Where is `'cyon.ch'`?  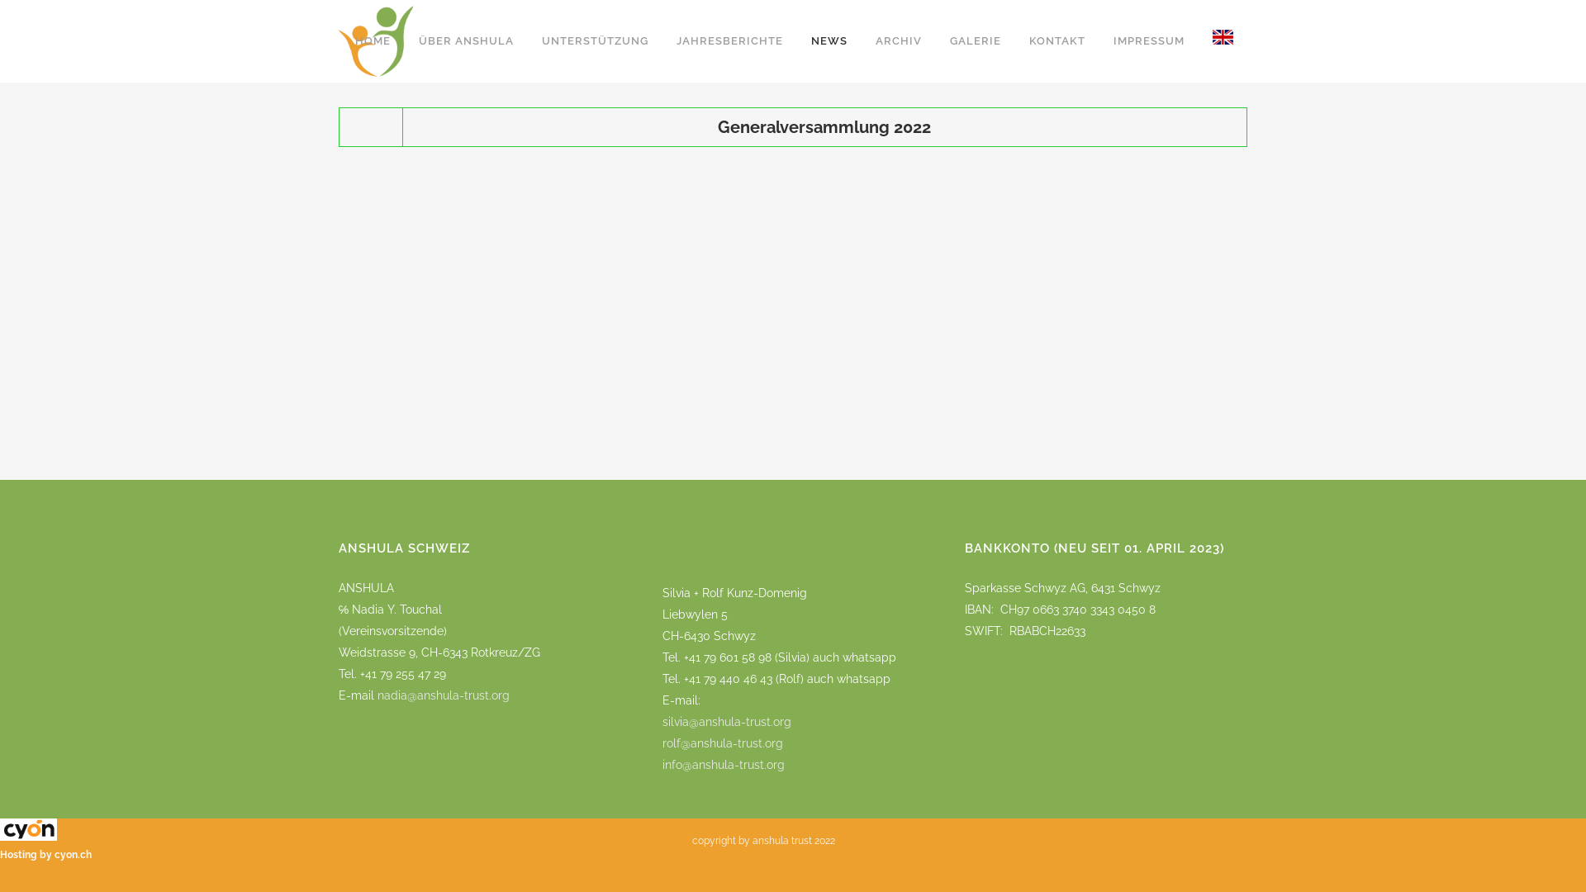 'cyon.ch' is located at coordinates (72, 854).